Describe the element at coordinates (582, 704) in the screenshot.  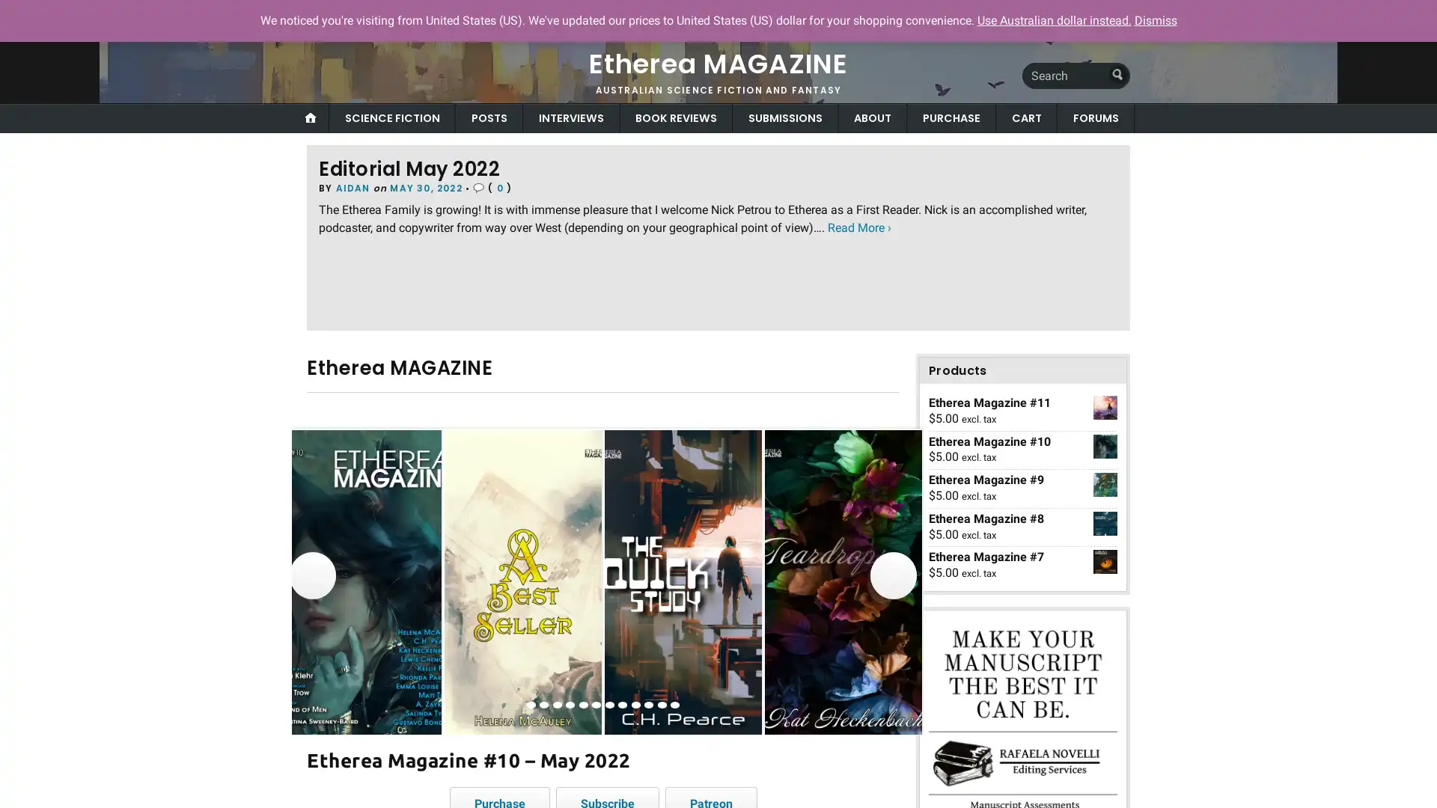
I see `view image 5 of 12 in carousel` at that location.